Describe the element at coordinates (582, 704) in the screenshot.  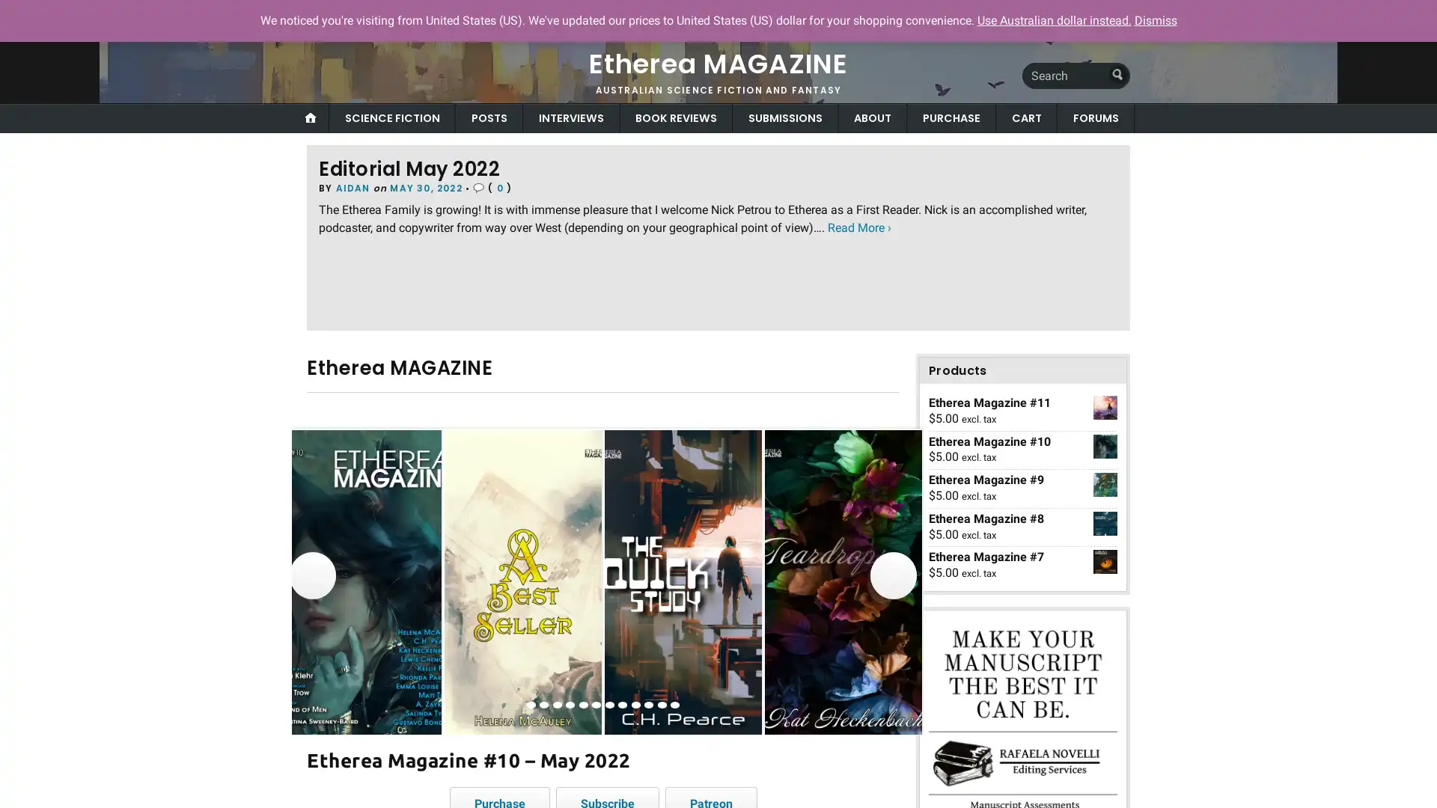
I see `view image 5 of 12 in carousel` at that location.